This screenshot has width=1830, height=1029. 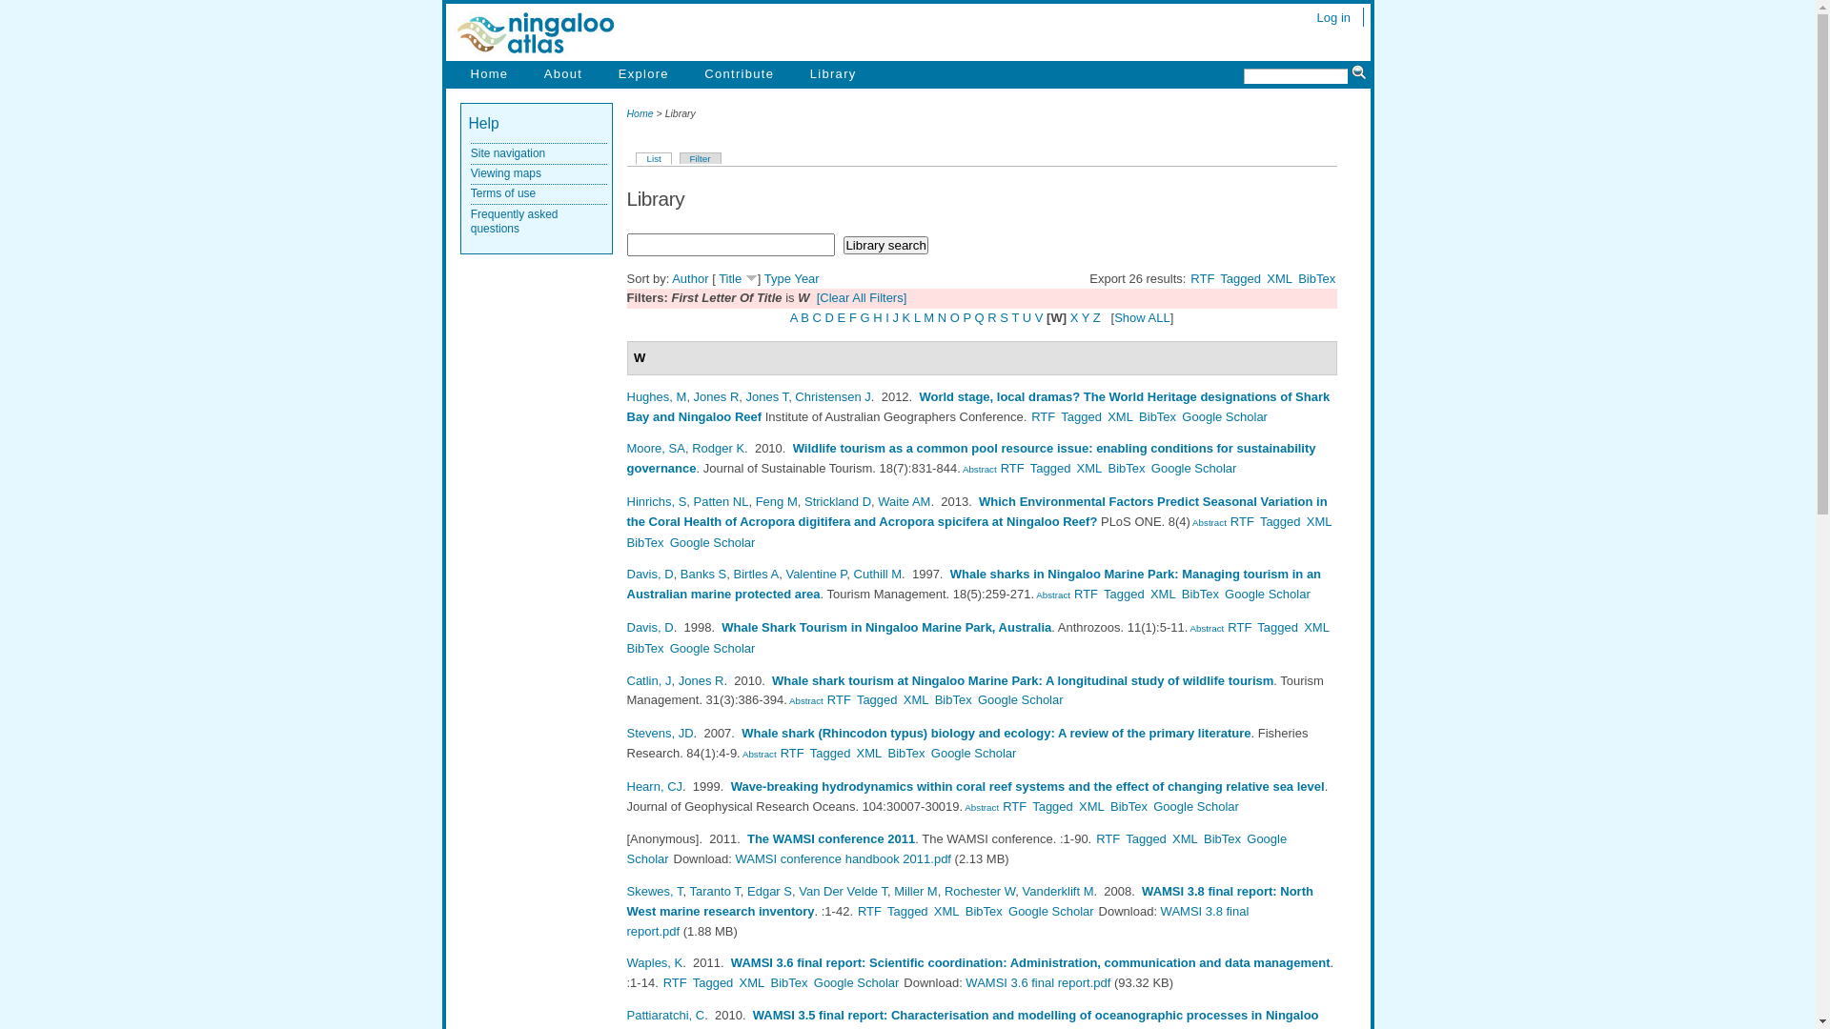 I want to click on 'Valentine P', so click(x=815, y=573).